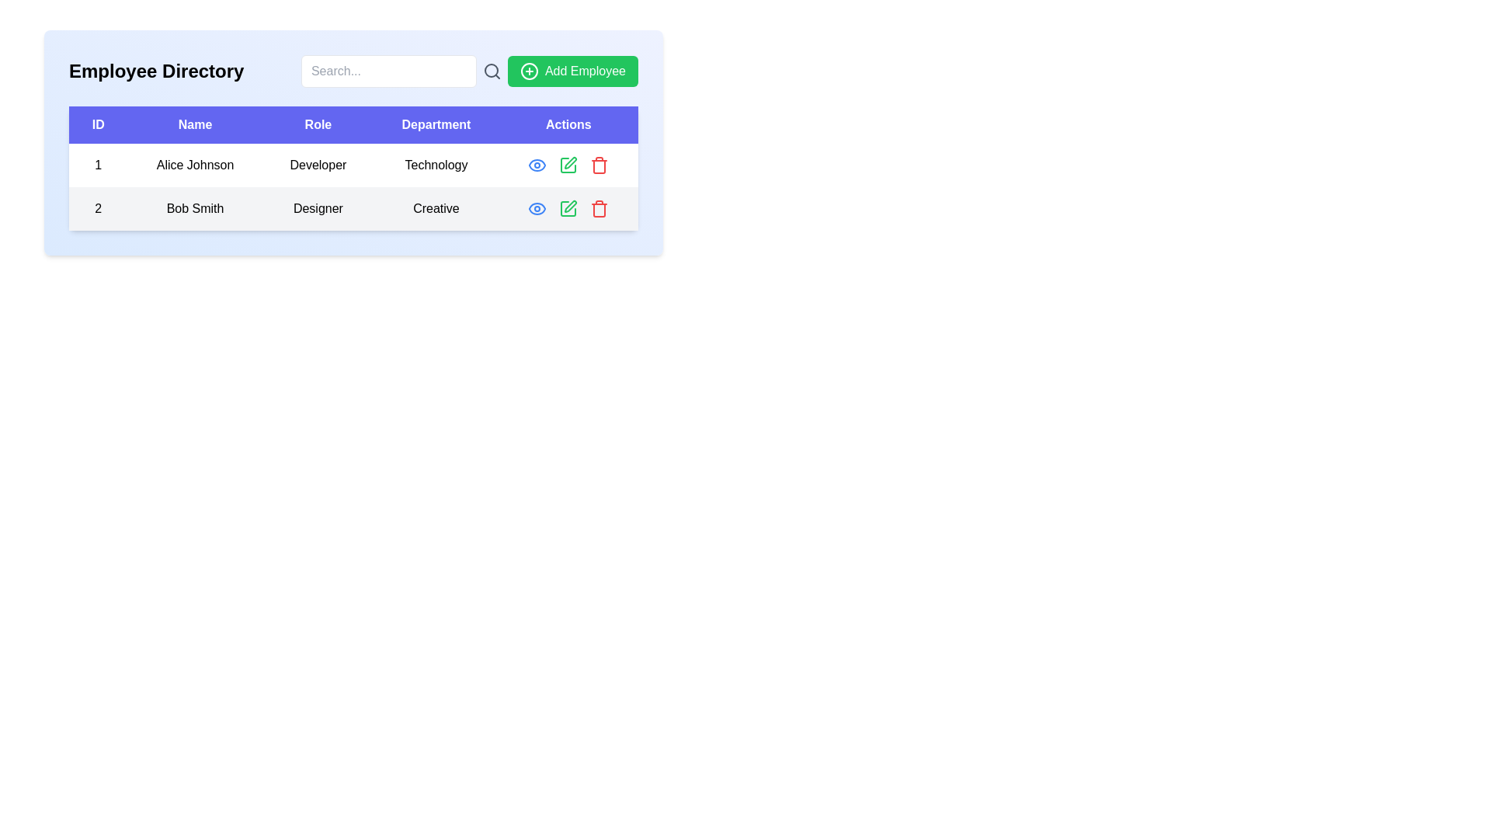 The height and width of the screenshot is (839, 1491). Describe the element at coordinates (567, 165) in the screenshot. I see `the green pen icon in the 'Actions' column of the first row to initiate an edit operation` at that location.